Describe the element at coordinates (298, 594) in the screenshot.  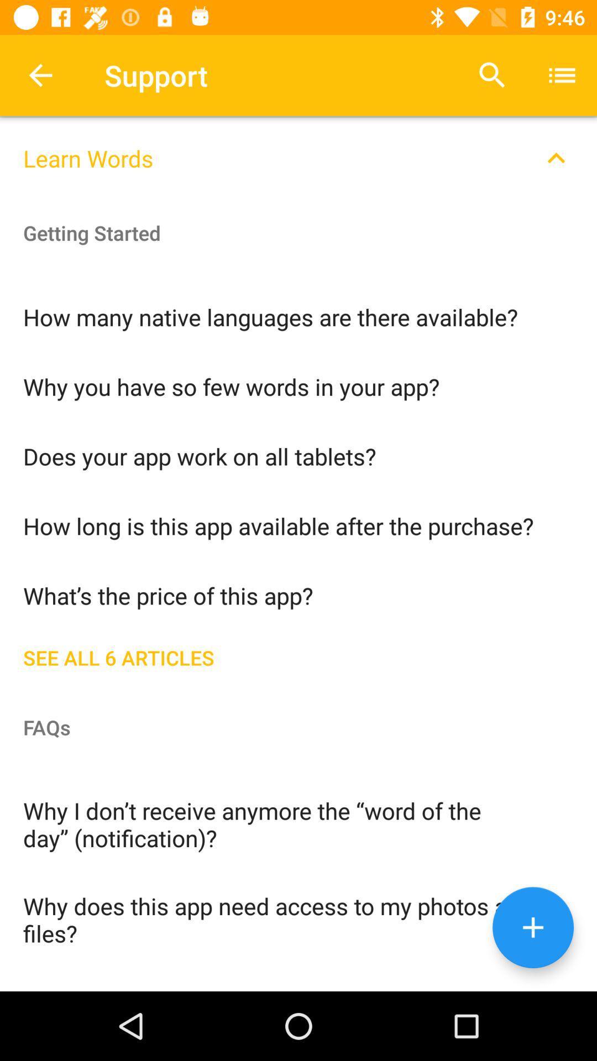
I see `the what s the` at that location.